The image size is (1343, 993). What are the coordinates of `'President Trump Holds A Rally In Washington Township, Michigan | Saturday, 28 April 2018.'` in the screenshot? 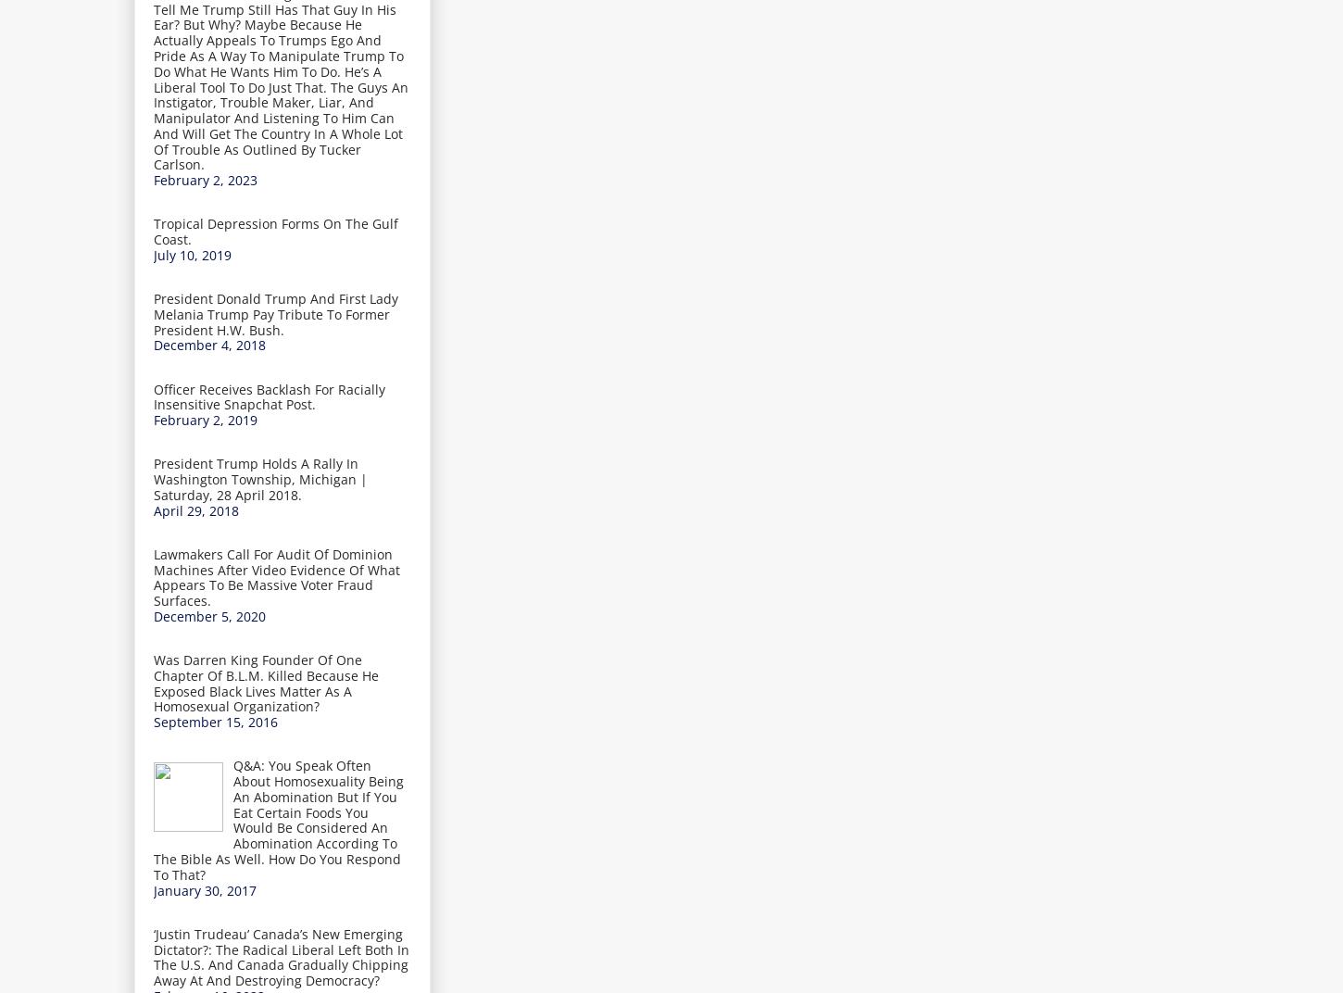 It's located at (153, 479).